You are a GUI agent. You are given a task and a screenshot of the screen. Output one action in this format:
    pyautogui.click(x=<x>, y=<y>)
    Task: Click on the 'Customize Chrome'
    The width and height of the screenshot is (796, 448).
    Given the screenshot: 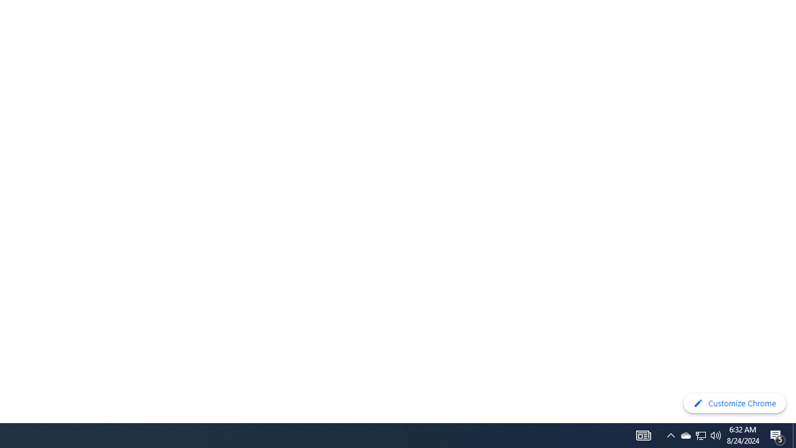 What is the action you would take?
    pyautogui.click(x=734, y=403)
    